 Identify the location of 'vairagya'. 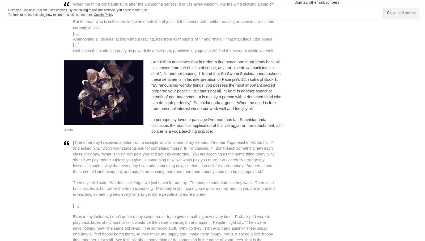
(224, 125).